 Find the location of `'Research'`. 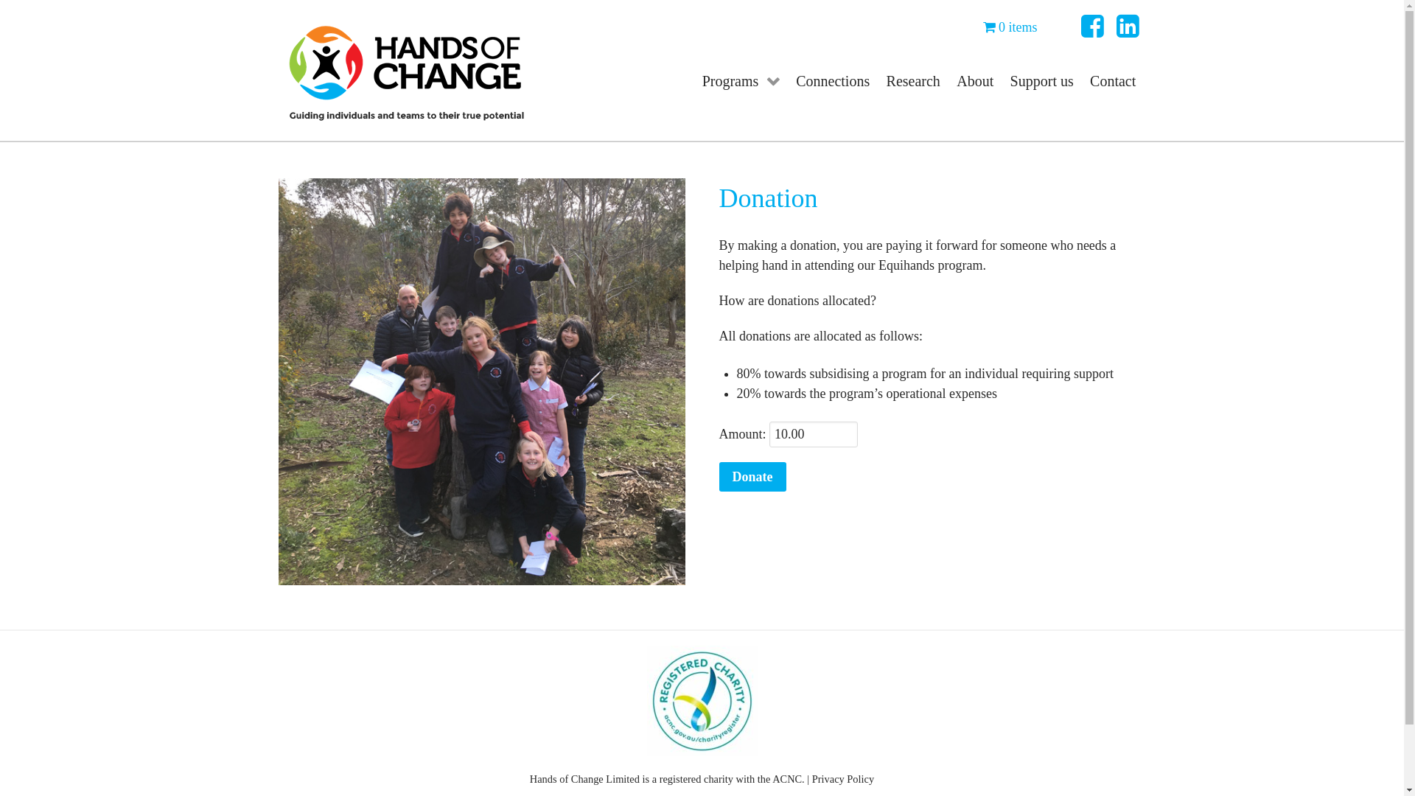

'Research' is located at coordinates (912, 80).